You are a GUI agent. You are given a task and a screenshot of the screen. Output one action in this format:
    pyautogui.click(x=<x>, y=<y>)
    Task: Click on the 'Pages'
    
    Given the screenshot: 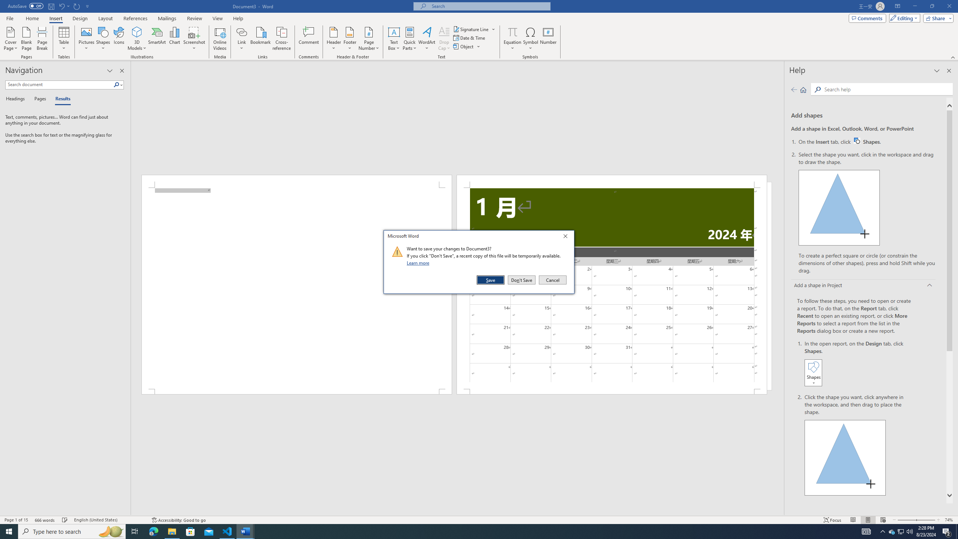 What is the action you would take?
    pyautogui.click(x=39, y=99)
    